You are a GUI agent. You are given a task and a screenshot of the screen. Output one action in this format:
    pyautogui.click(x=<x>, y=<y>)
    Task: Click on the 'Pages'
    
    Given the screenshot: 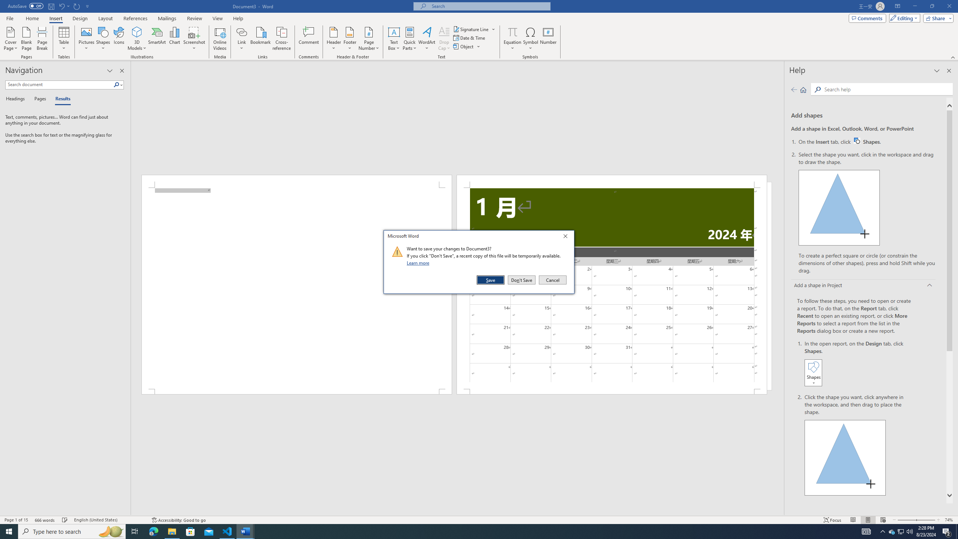 What is the action you would take?
    pyautogui.click(x=39, y=99)
    